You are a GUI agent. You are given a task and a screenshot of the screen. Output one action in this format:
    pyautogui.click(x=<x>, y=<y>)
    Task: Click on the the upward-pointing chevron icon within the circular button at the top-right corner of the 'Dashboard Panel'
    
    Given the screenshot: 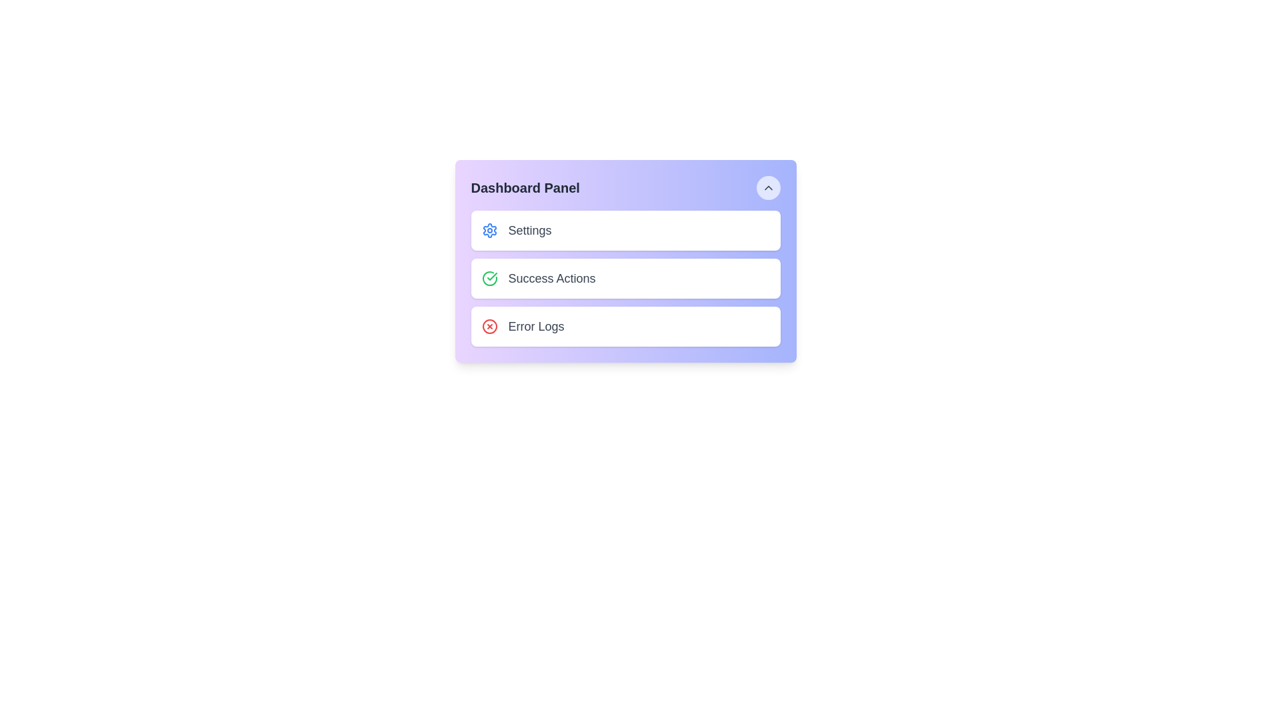 What is the action you would take?
    pyautogui.click(x=768, y=187)
    